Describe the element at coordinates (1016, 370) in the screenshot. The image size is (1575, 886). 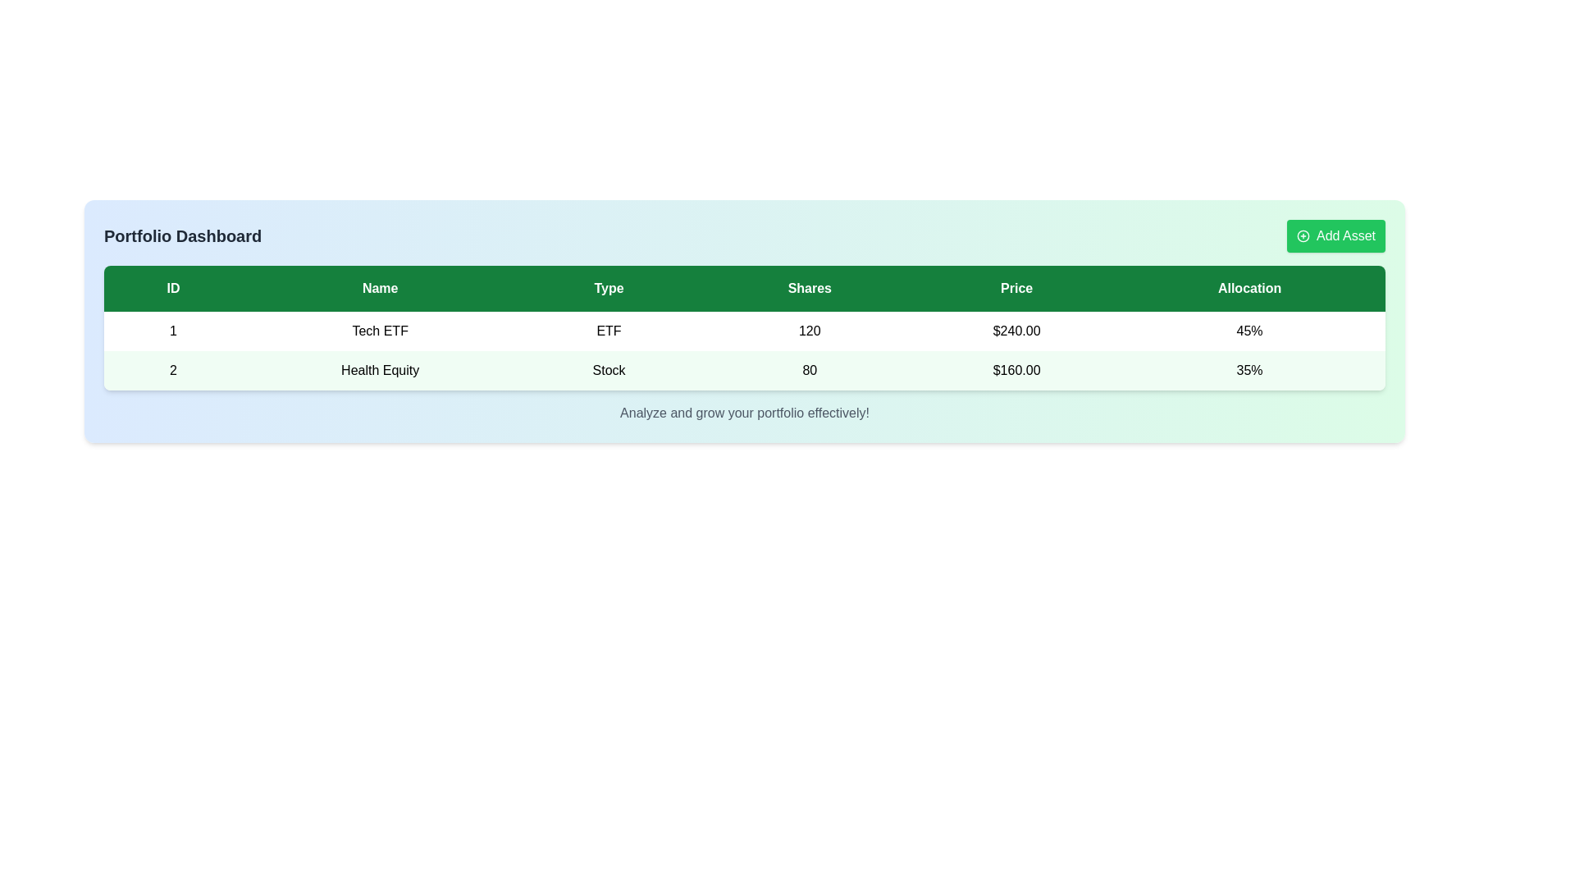
I see `the non-interactive text label displaying the price for 'Health Equity' stock located in the fifth column of the second row of the table` at that location.